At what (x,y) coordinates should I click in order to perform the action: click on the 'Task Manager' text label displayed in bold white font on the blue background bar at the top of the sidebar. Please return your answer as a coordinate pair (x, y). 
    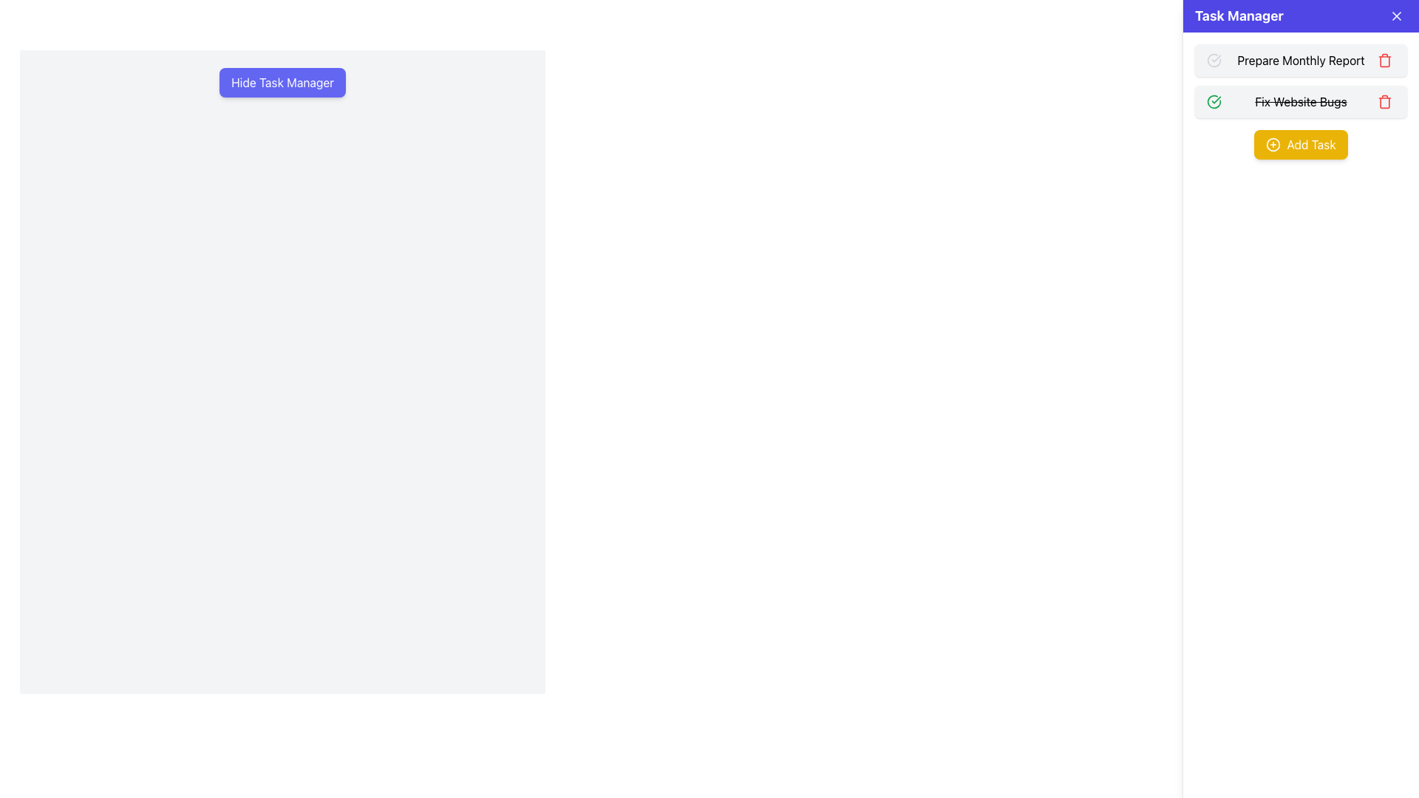
    Looking at the image, I should click on (1239, 16).